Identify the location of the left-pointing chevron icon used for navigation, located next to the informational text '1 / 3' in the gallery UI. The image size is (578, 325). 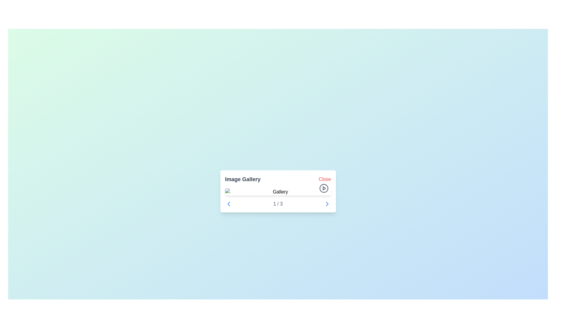
(228, 204).